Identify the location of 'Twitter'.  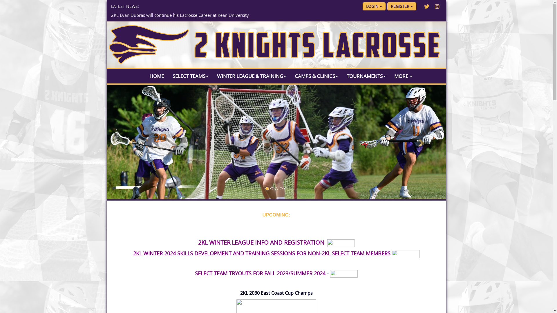
(422, 6).